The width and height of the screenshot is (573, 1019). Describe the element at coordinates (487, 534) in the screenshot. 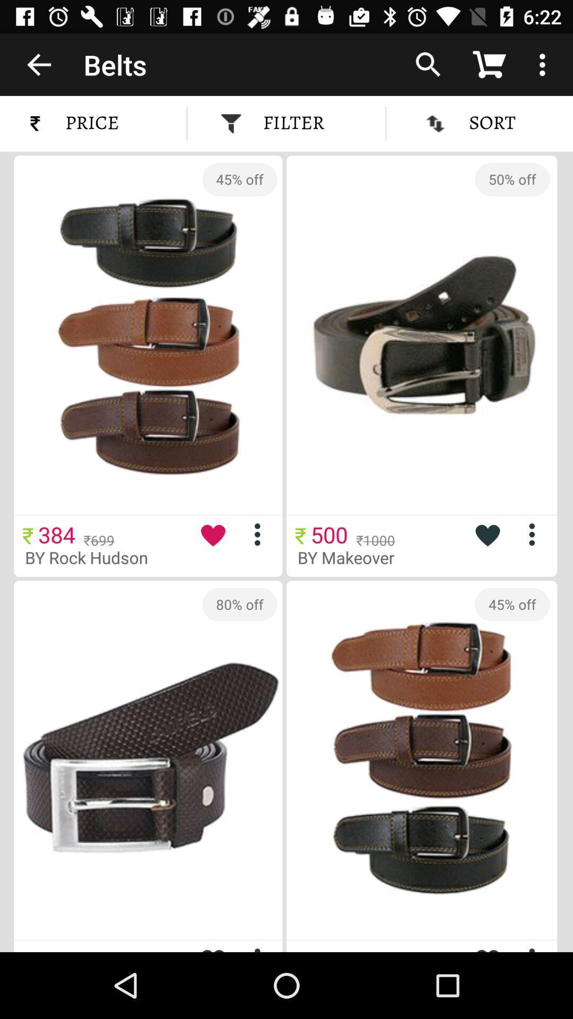

I see `like object` at that location.